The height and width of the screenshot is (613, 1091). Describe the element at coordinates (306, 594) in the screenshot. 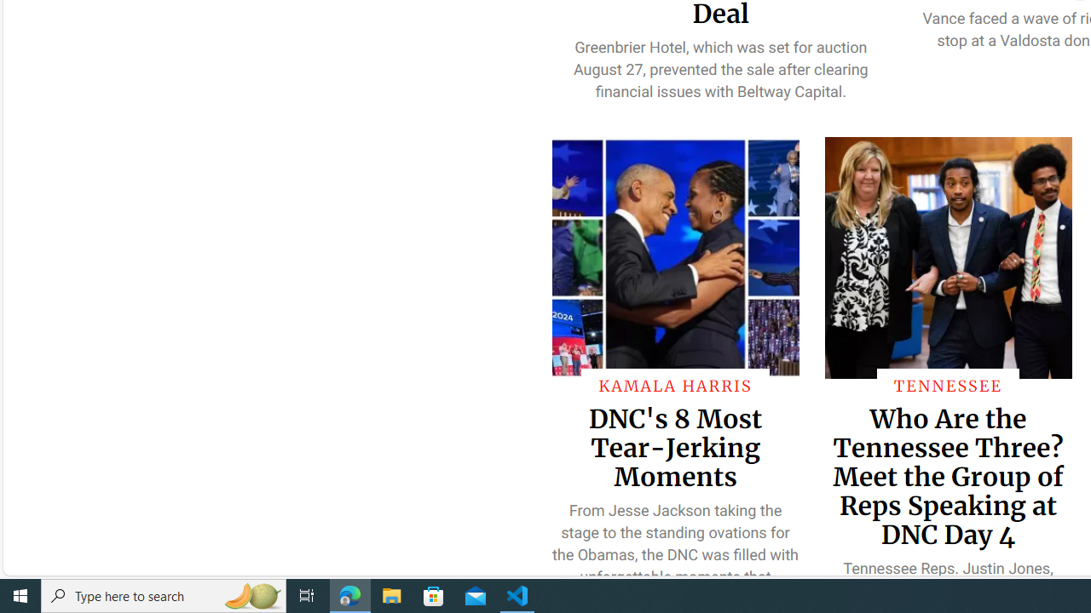

I see `'Task View'` at that location.